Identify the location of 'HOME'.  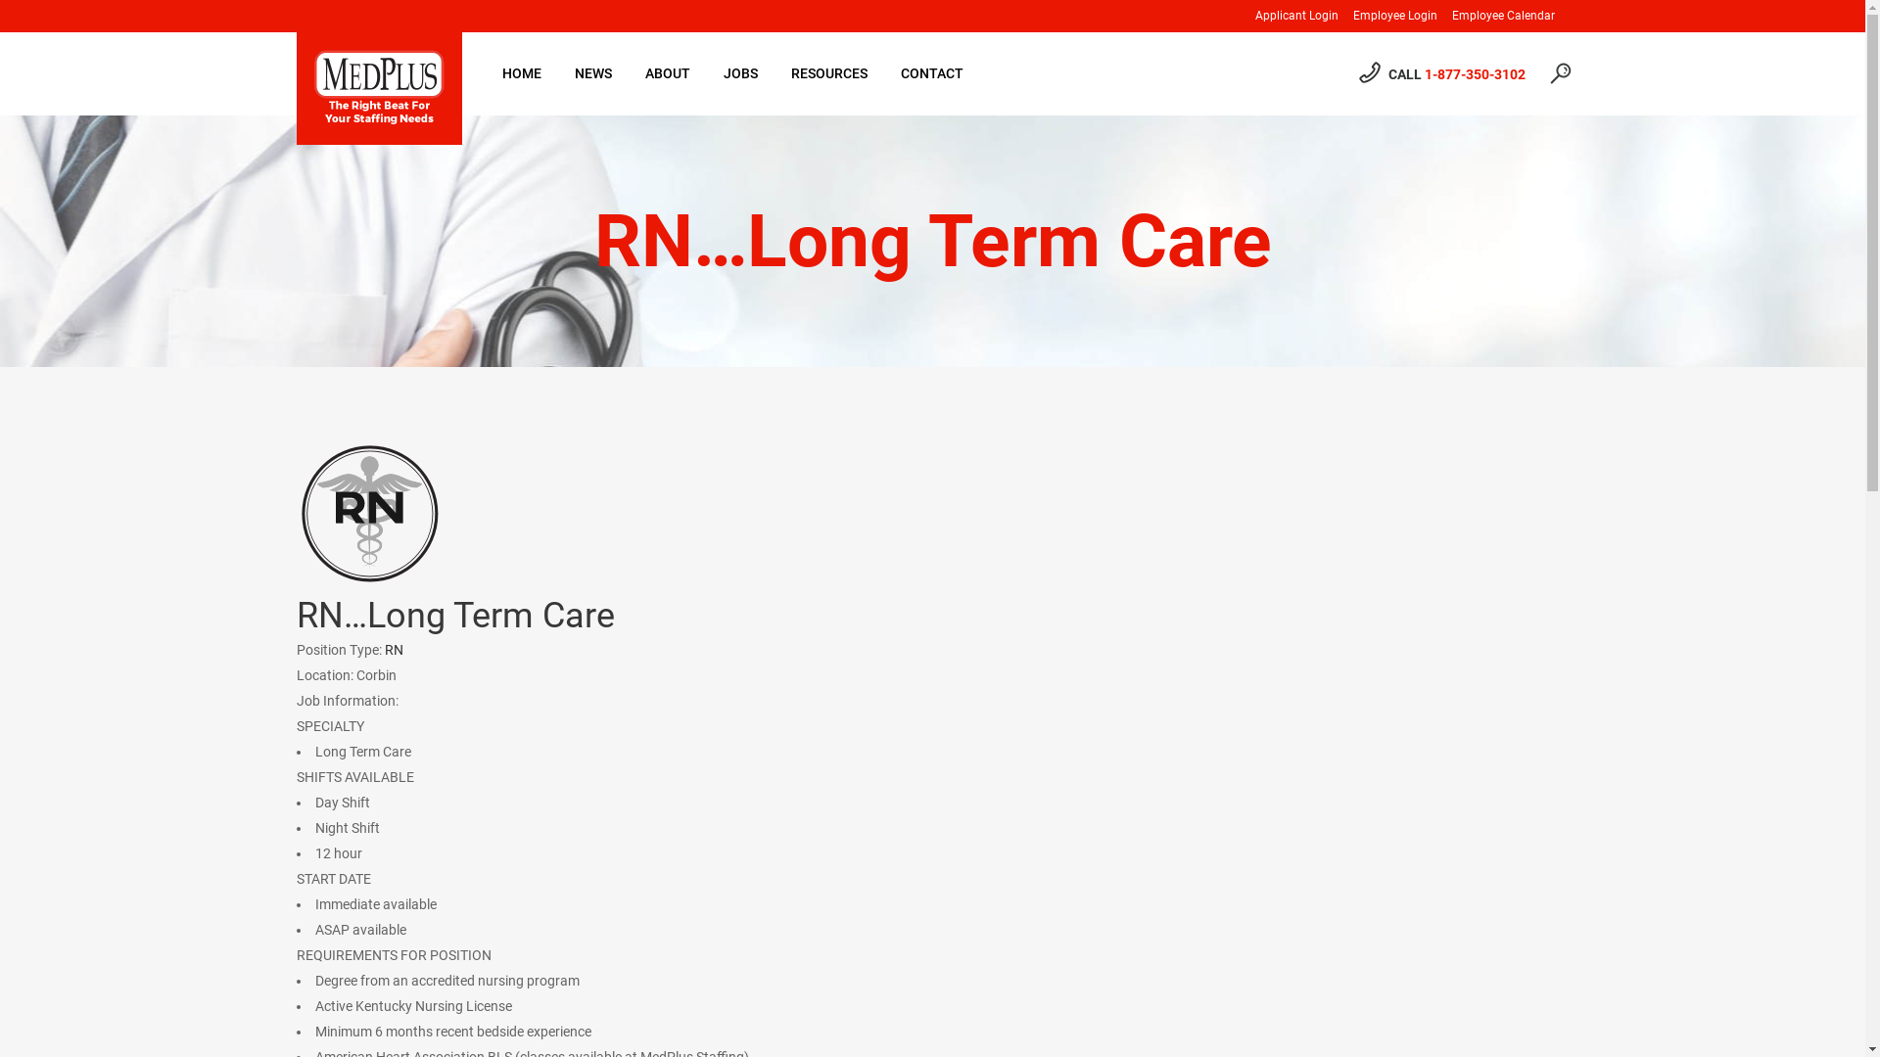
(521, 72).